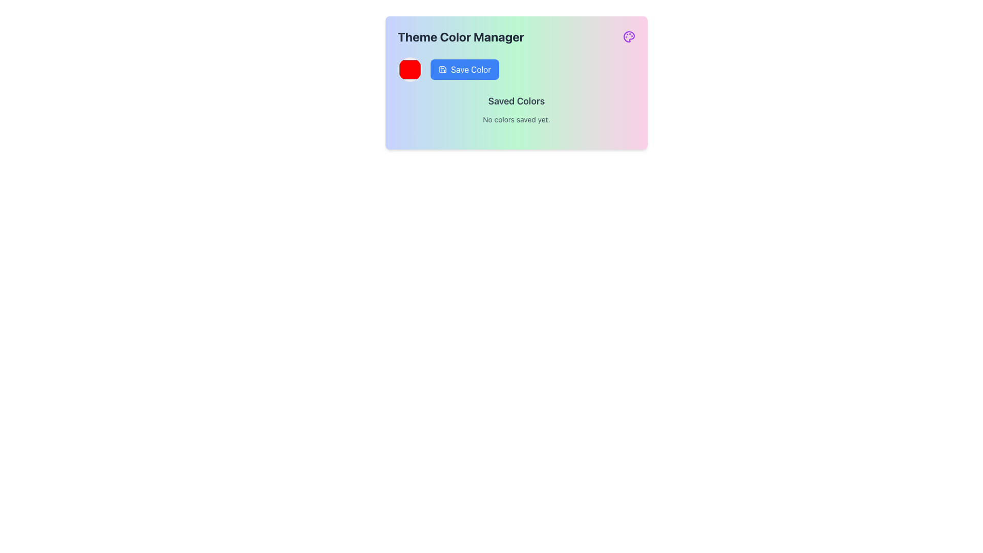 Image resolution: width=983 pixels, height=553 pixels. What do you see at coordinates (628, 36) in the screenshot?
I see `the decorative SVG element representing the 'Theme Color Manager' feature located in the top-right corner of the UI card` at bounding box center [628, 36].